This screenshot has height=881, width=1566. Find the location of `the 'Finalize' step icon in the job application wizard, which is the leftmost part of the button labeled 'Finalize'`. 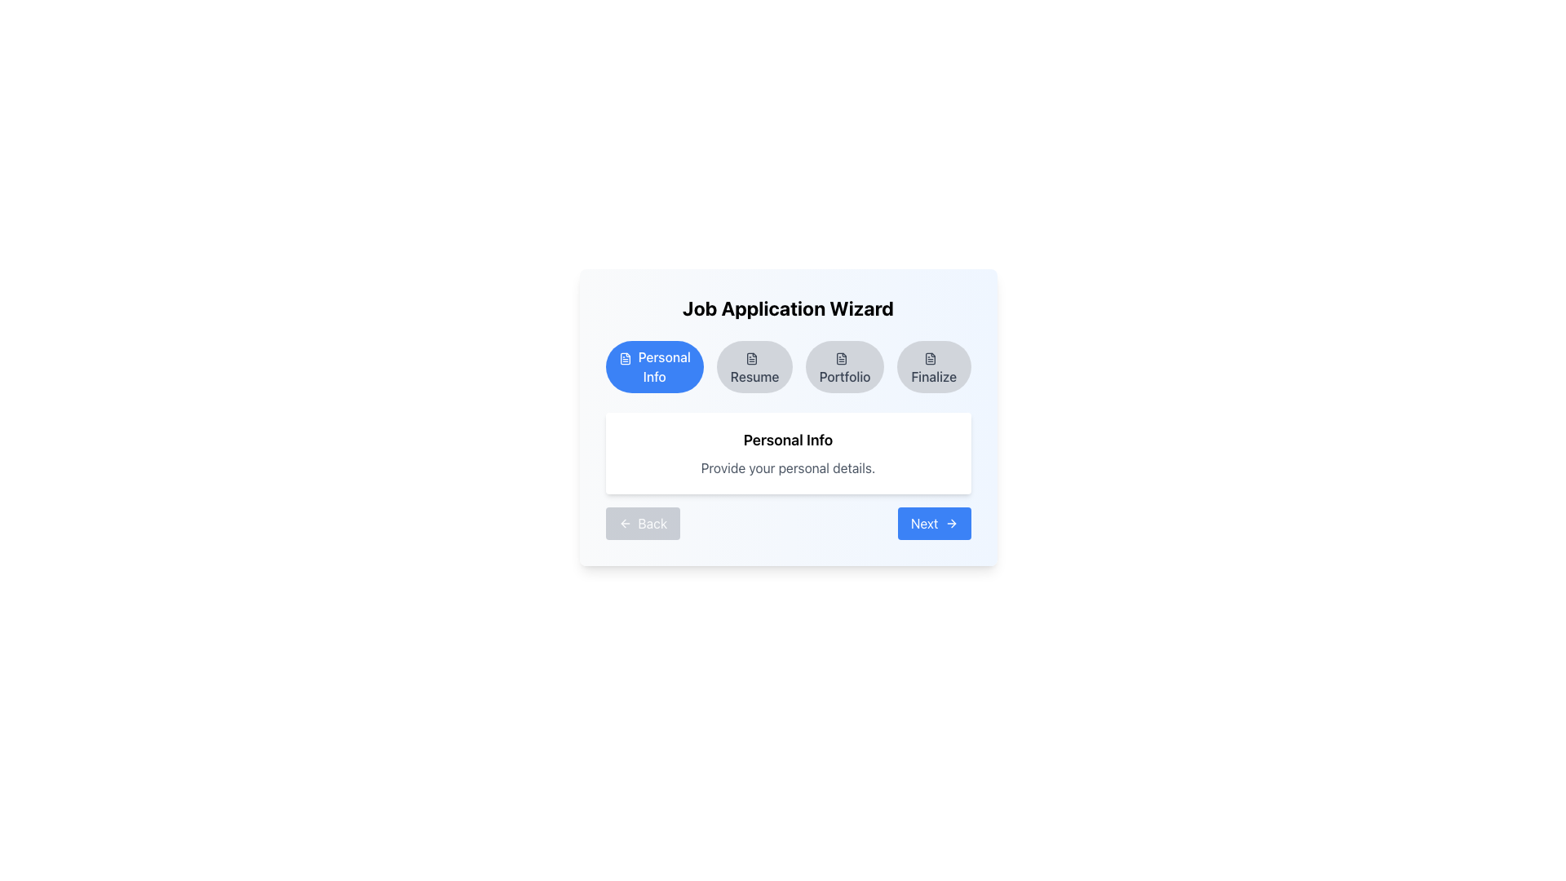

the 'Finalize' step icon in the job application wizard, which is the leftmost part of the button labeled 'Finalize' is located at coordinates (931, 357).